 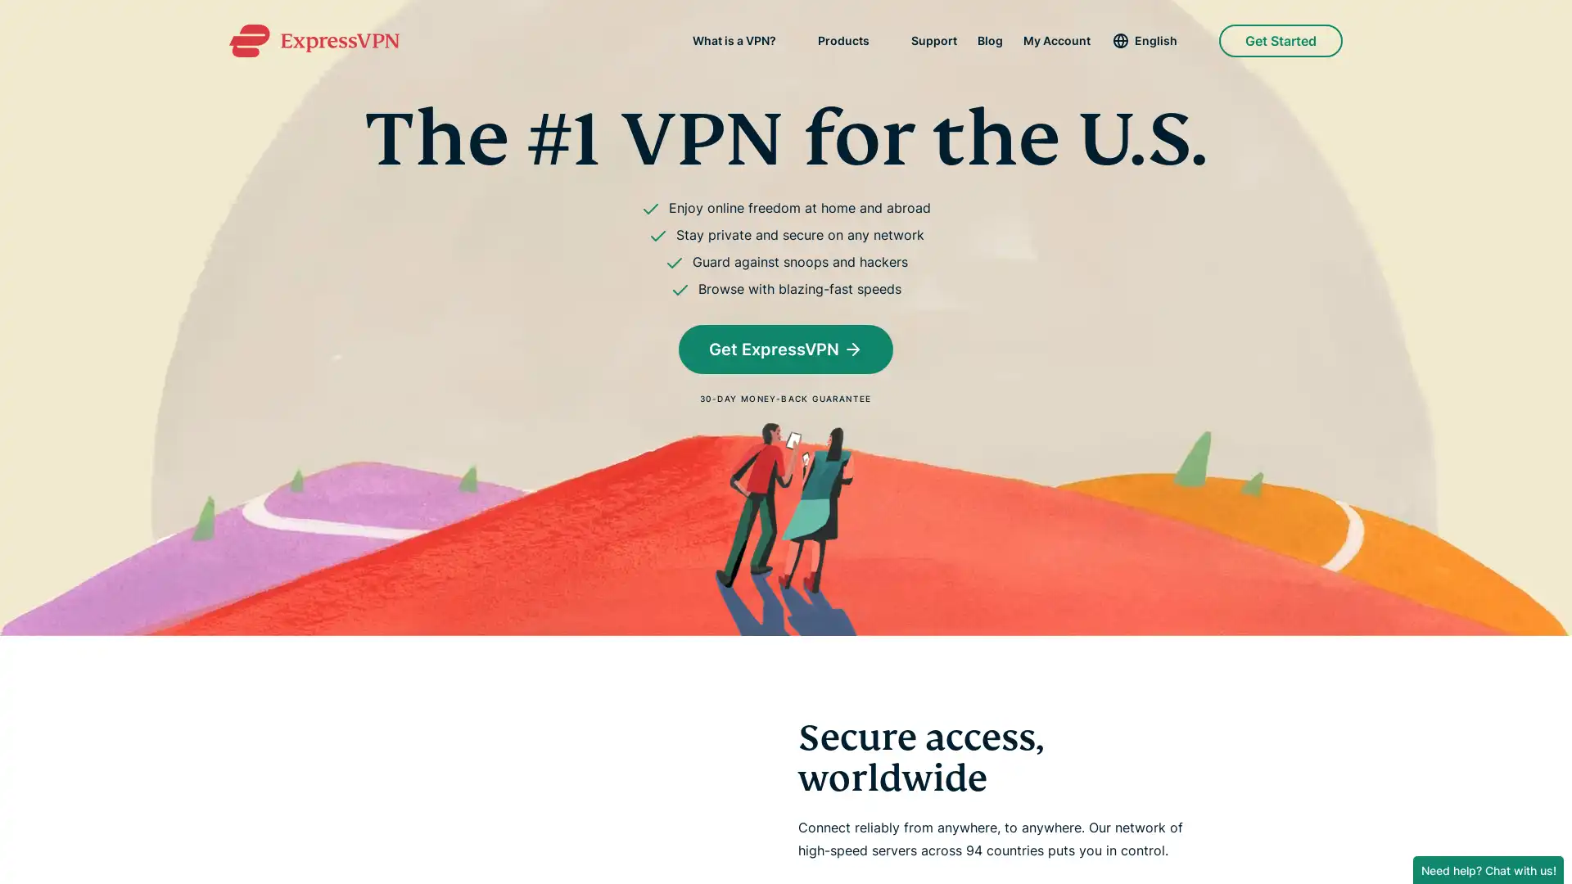 I want to click on Language, so click(x=1154, y=40).